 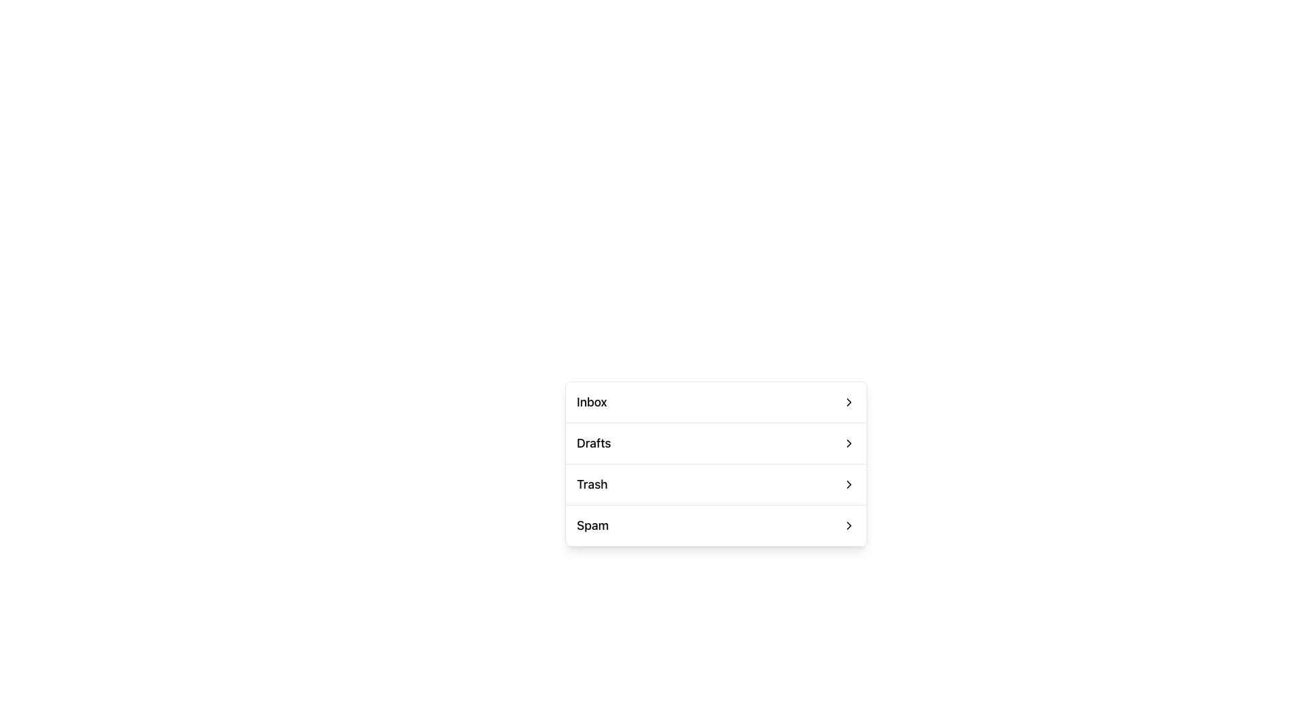 I want to click on the 'Trash' text label in the third row of the vertically stacked menu, indicating the option related to discarded items, so click(x=592, y=483).